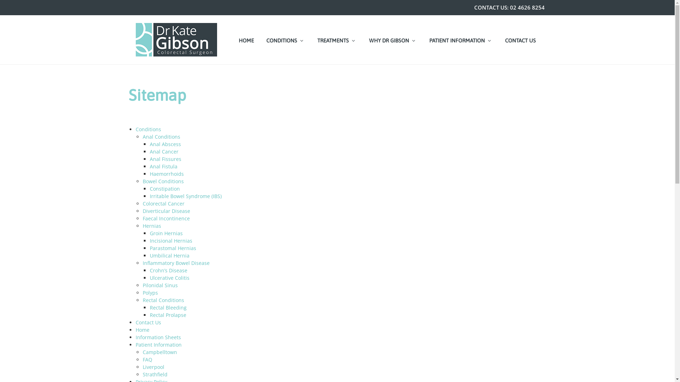 This screenshot has width=680, height=382. I want to click on 'Faecal Incontinence', so click(142, 218).